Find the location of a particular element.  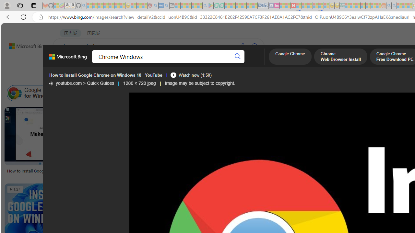

'Trusted Community Engagement and Contributions | Guidelines' is located at coordinates (299, 6).